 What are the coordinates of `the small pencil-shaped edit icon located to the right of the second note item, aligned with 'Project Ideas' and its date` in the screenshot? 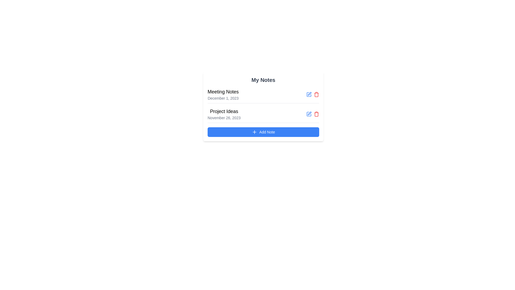 It's located at (310, 113).